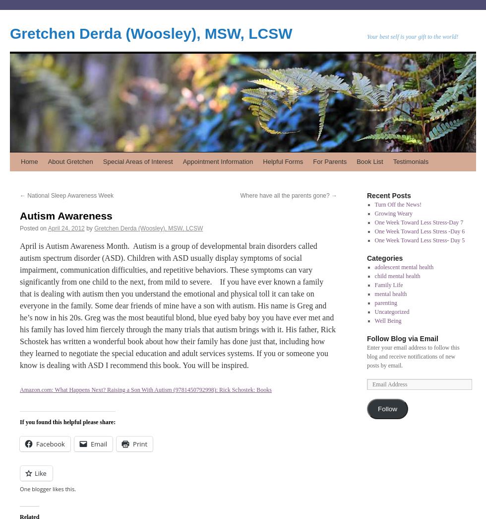  Describe the element at coordinates (19, 305) in the screenshot. I see `'April is Autism Awareness Month.  Autism is a group of developmental brain disorders called autism spectrum disorder (ASD). Children with ASD usually display symptoms of social impairment, communication difficulties, and repetitive behaviors. These symptoms can vary significantly from one child to the next, from mild to severe.    If you have ever known a family that is dealing with autism then you understand the emotional and physical toll it can take on everyone in the family. Some dear friends of mine have a son with autism. His name is Greg and he’s now in his 20s. Greg was the most beautiful blond, blue eyed baby boy you have ever met and his family has loved him fiercely through the many trials that autism brings with it. His father, Rick Schostek has written a wonderful book about how their family has done just that, including how they learned to negotiate the special education and adult services systems. If you or someone you know is dealing with ASD I recommend this book. You will be inspired.'` at that location.